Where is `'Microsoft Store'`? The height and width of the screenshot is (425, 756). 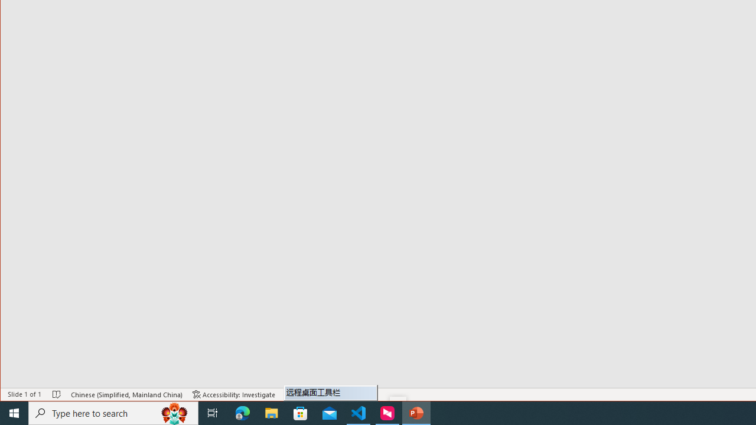 'Microsoft Store' is located at coordinates (301, 412).